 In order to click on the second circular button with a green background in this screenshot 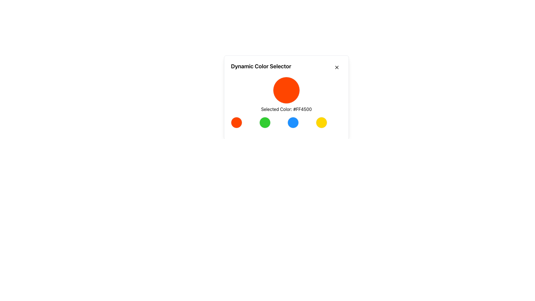, I will do `click(264, 122)`.